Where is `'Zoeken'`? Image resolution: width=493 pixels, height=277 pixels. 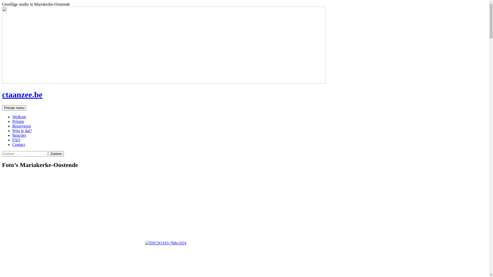 'Zoeken' is located at coordinates (56, 153).